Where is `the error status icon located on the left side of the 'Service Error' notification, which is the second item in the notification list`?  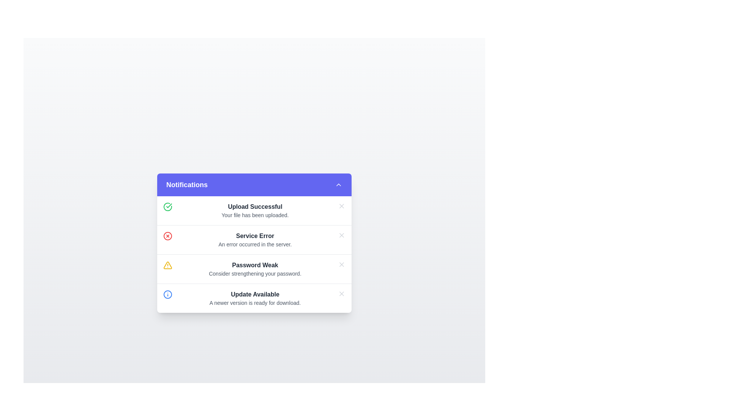
the error status icon located on the left side of the 'Service Error' notification, which is the second item in the notification list is located at coordinates (167, 235).